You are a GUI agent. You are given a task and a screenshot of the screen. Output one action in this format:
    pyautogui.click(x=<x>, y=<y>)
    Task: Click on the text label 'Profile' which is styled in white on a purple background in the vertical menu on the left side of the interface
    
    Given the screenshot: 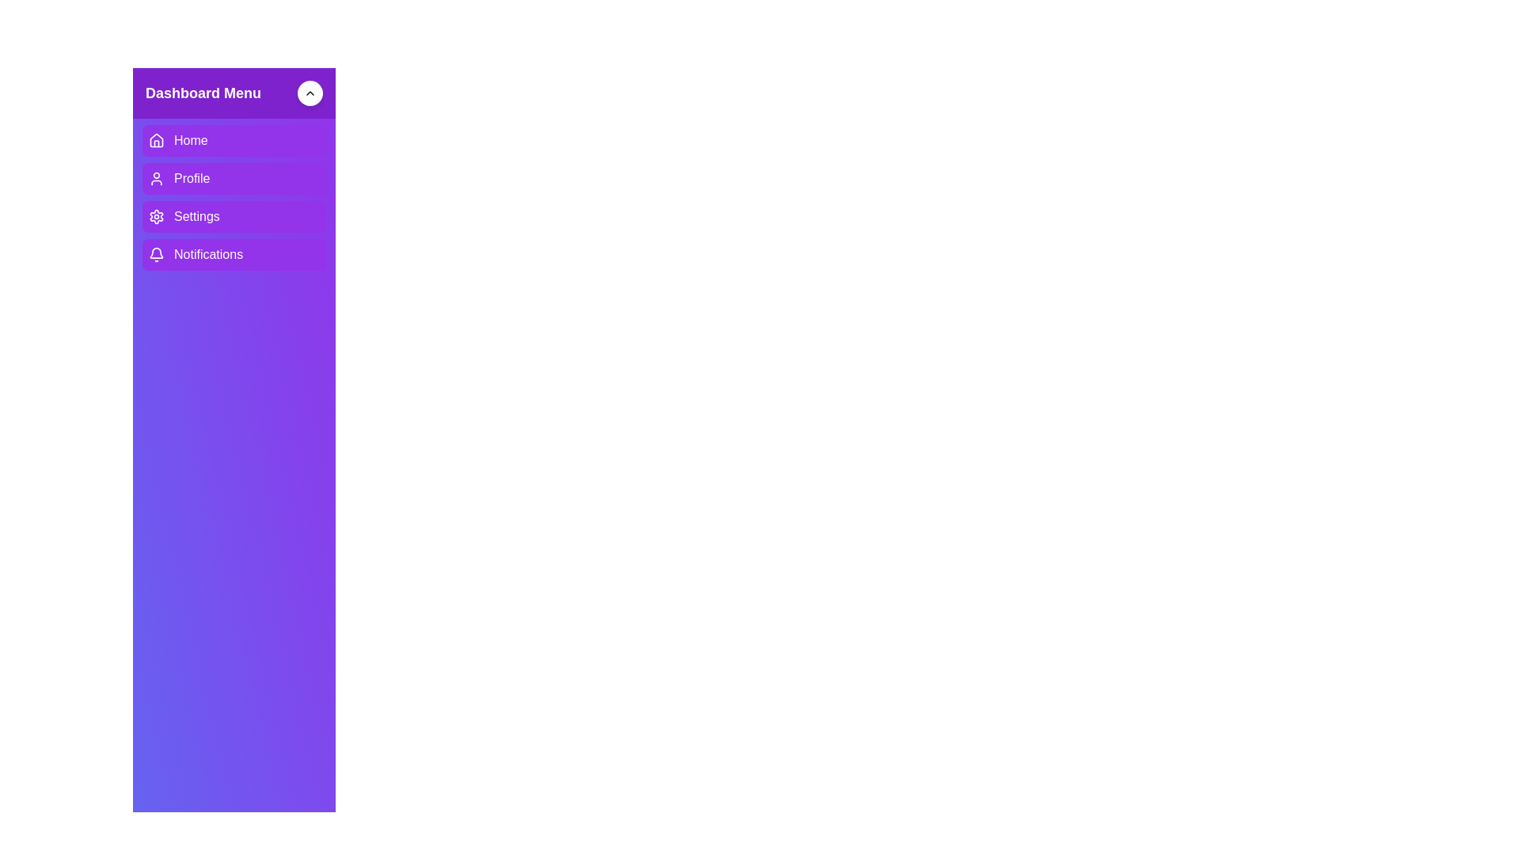 What is the action you would take?
    pyautogui.click(x=191, y=178)
    